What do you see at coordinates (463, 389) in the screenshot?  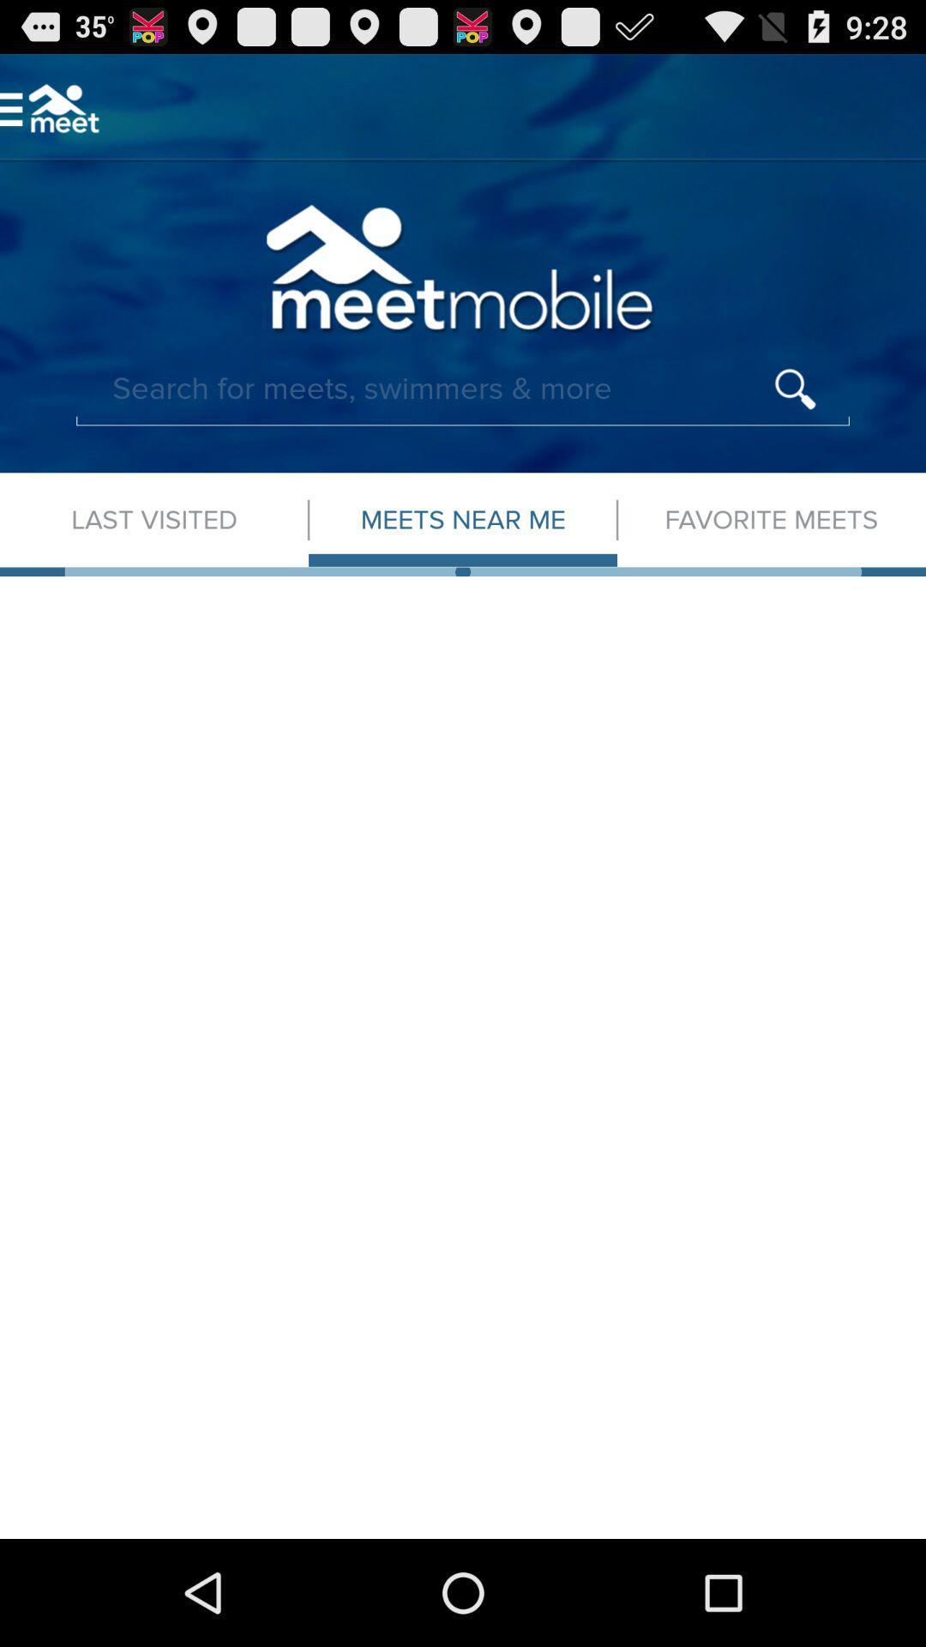 I see `search input box` at bounding box center [463, 389].